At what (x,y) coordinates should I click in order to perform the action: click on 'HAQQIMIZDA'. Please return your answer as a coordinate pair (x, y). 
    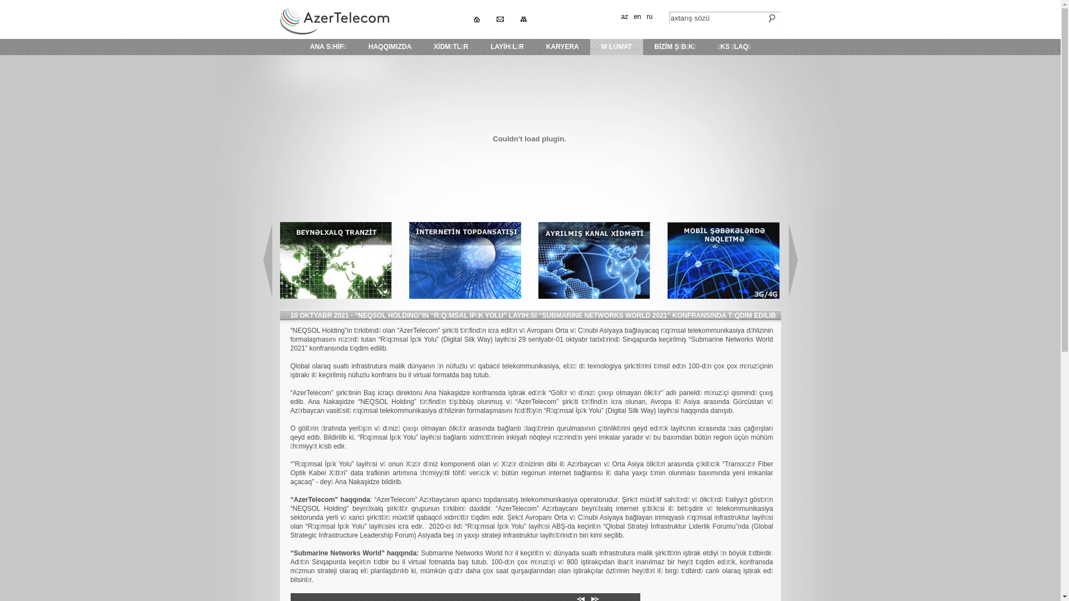
    Looking at the image, I should click on (390, 47).